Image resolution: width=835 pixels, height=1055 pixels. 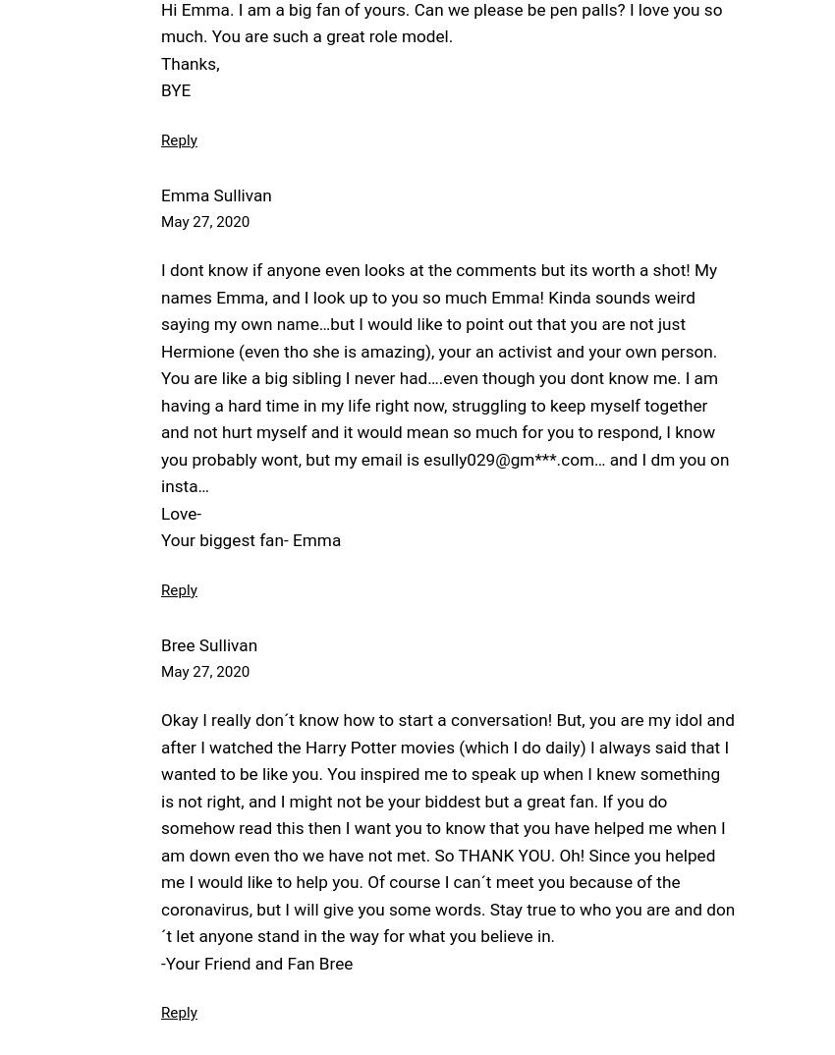 What do you see at coordinates (180, 512) in the screenshot?
I see `'Love-'` at bounding box center [180, 512].